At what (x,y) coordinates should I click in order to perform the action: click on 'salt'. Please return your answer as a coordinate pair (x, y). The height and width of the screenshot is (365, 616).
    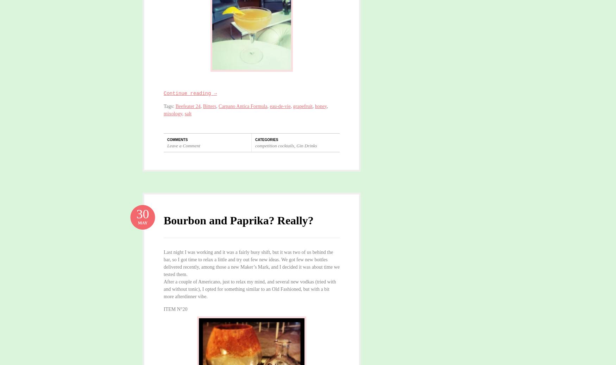
    Looking at the image, I should click on (187, 113).